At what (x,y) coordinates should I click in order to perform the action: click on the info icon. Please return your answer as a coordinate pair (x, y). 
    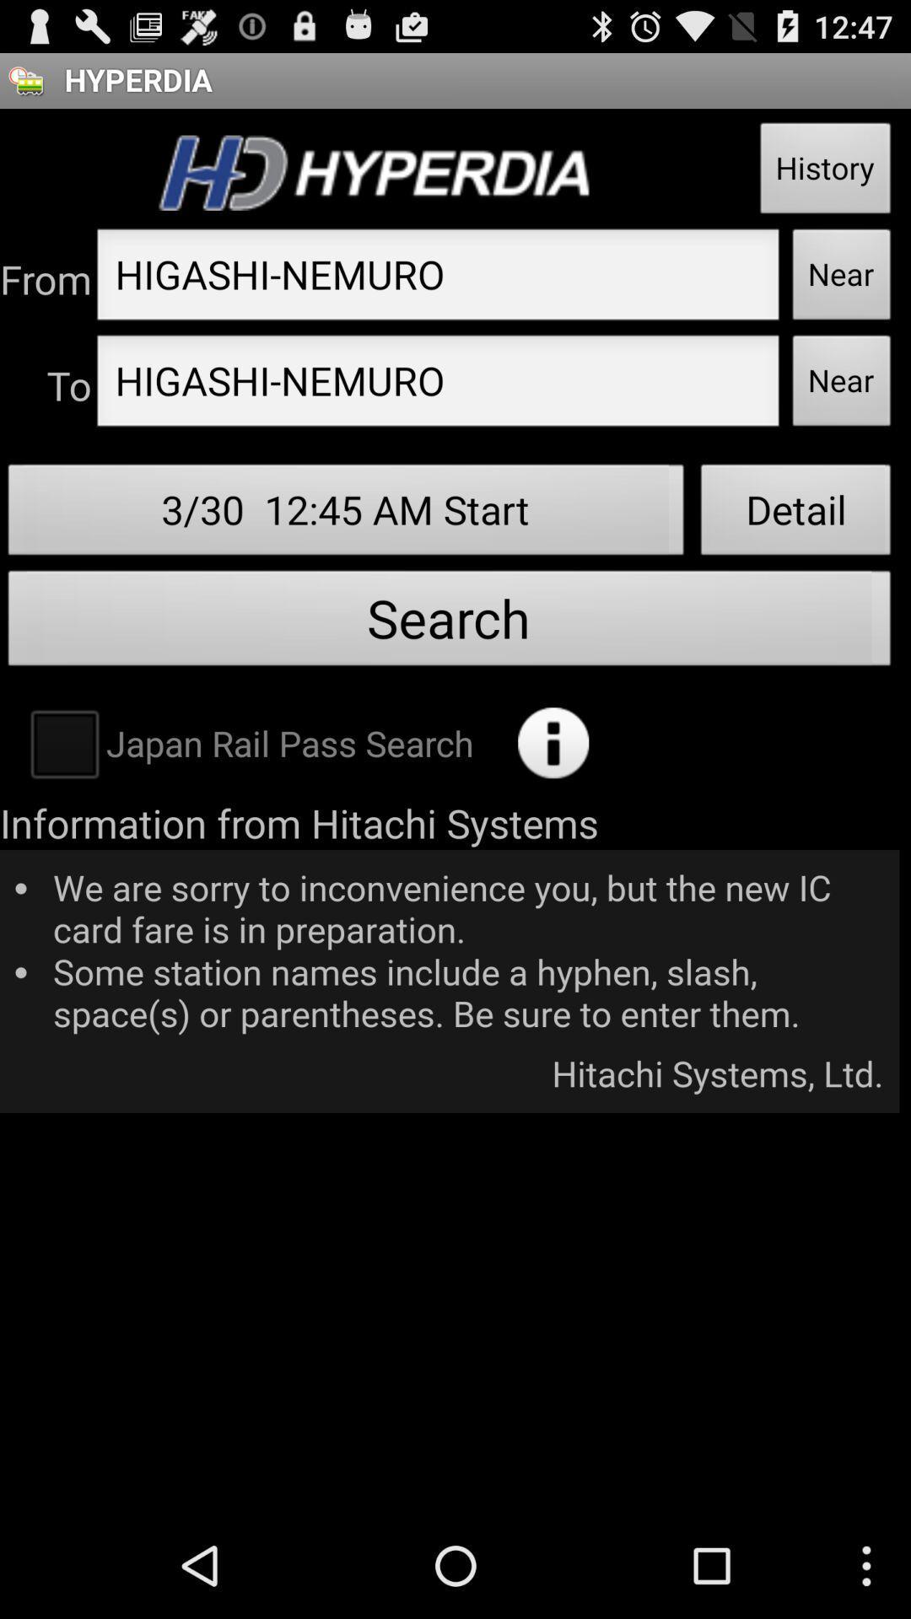
    Looking at the image, I should click on (553, 794).